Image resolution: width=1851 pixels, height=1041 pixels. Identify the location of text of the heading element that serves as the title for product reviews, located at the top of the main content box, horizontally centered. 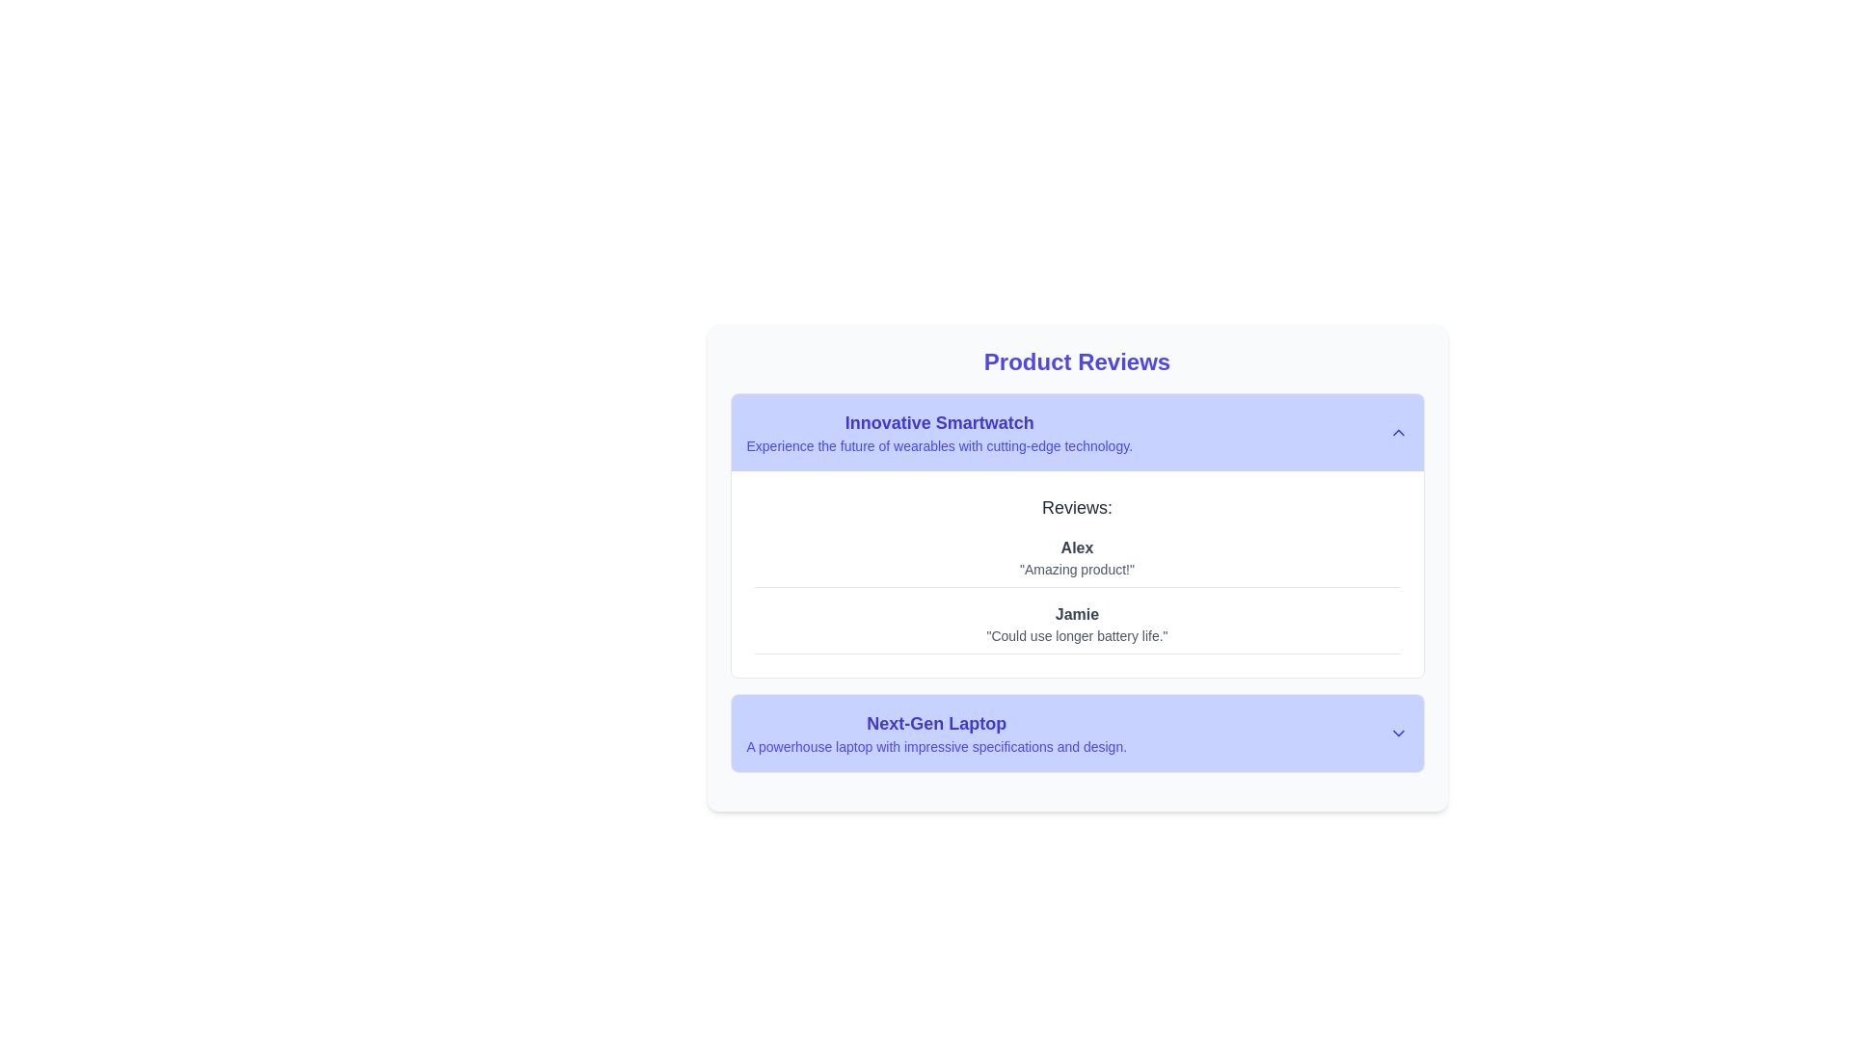
(1076, 361).